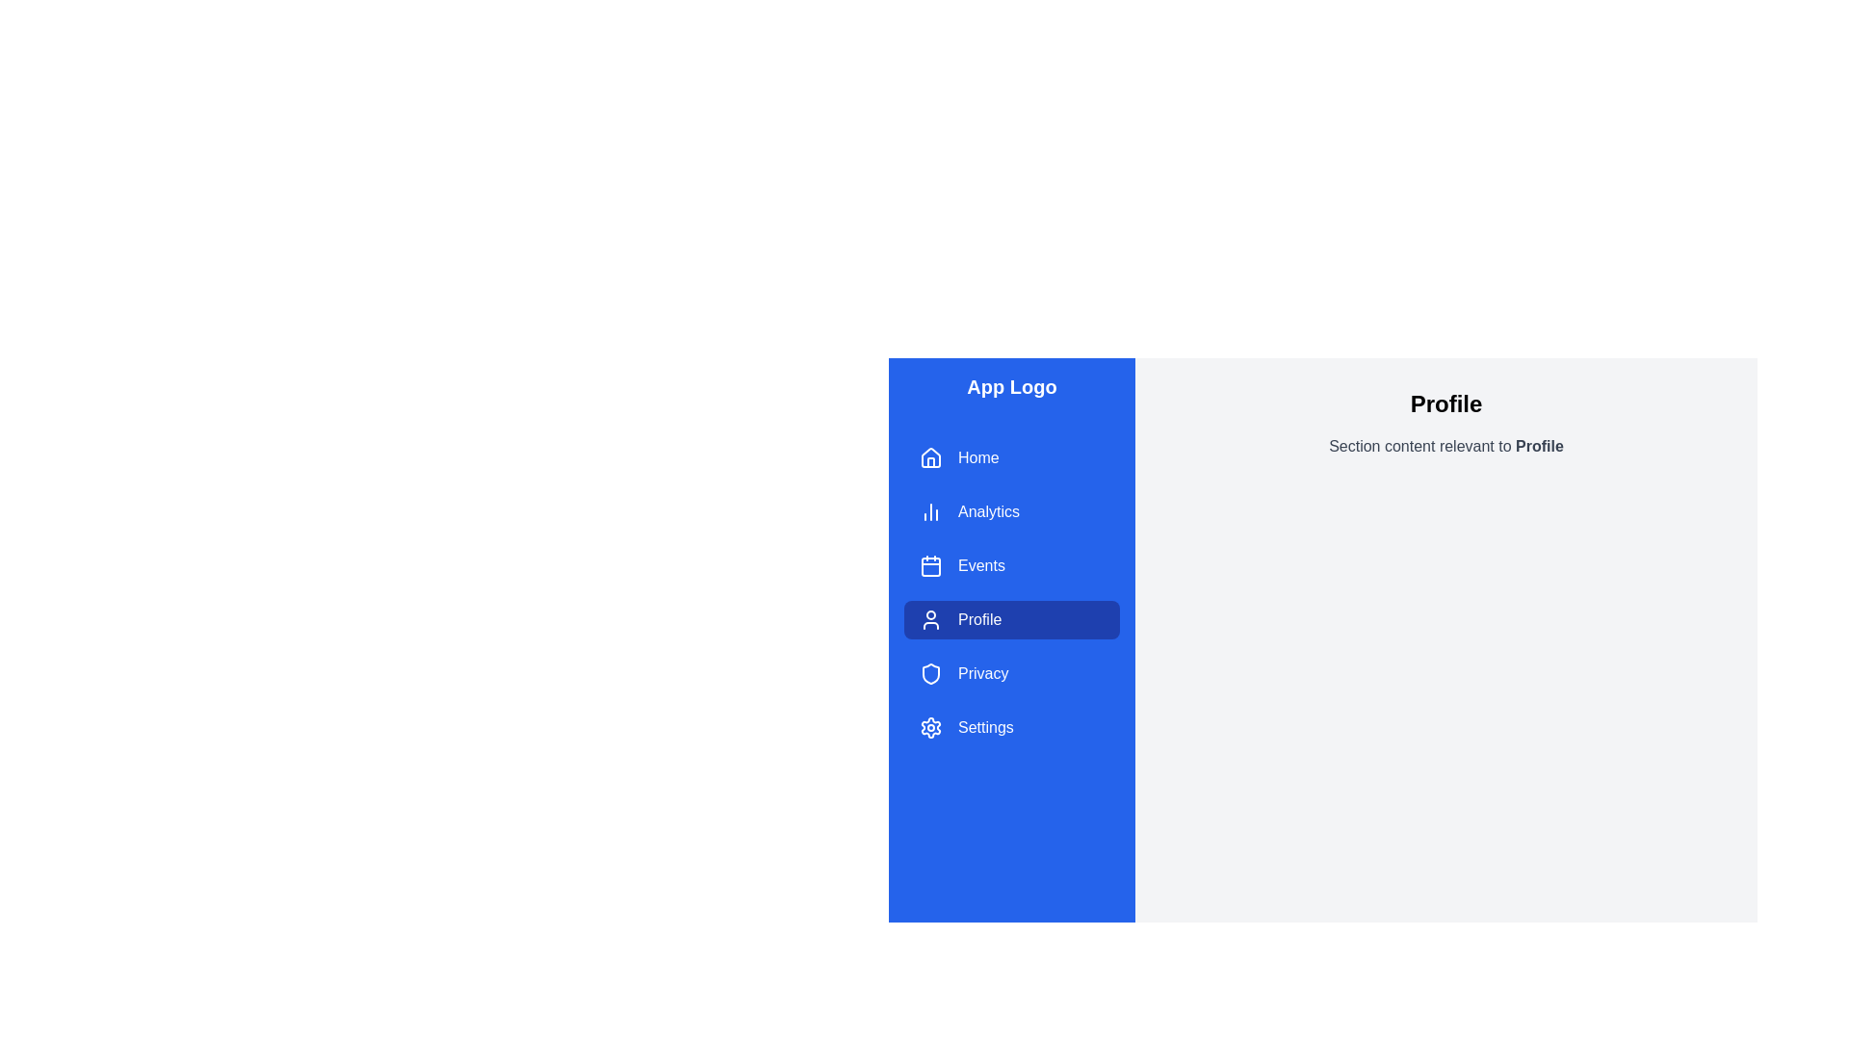 This screenshot has width=1849, height=1040. What do you see at coordinates (930, 457) in the screenshot?
I see `the 'Home' icon in the sidebar navigation` at bounding box center [930, 457].